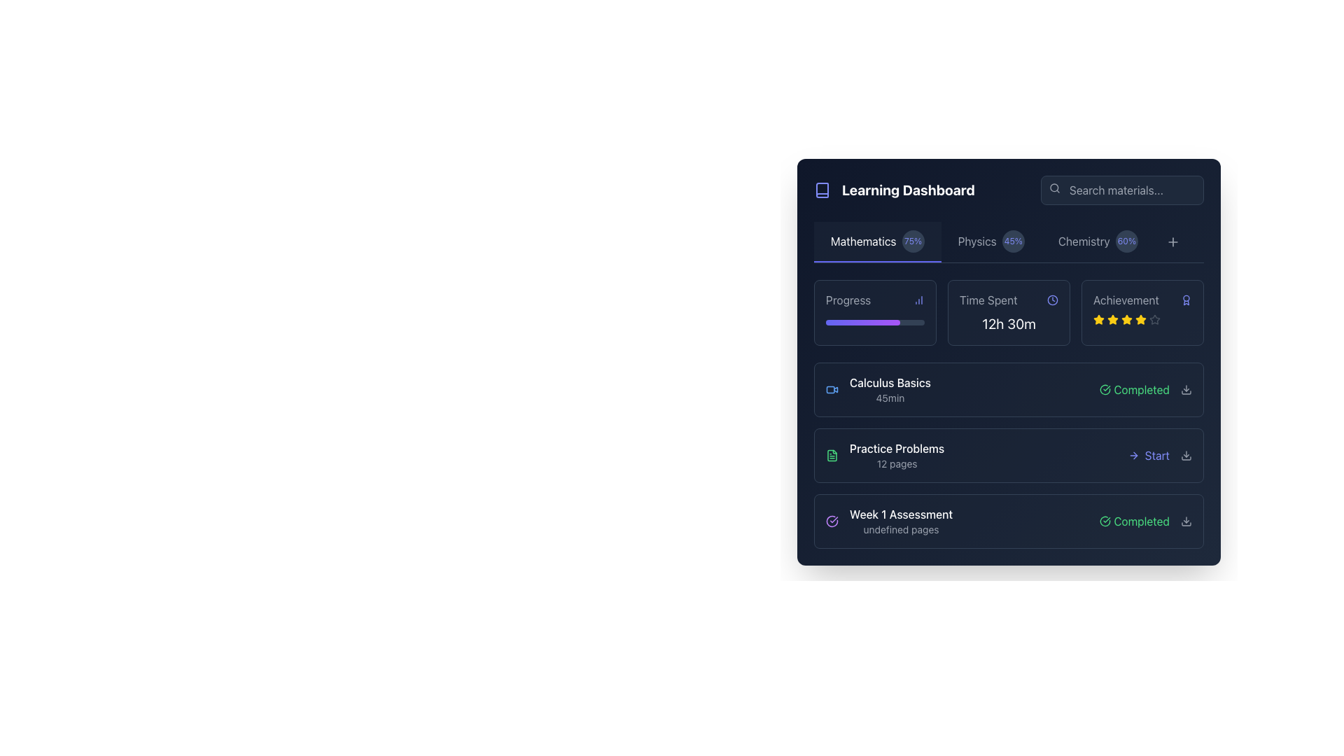 This screenshot has height=756, width=1344. Describe the element at coordinates (990, 240) in the screenshot. I see `the composite display element indicating progress related to Physics, located in the top section of the interface between 'Mathematics' and 'Chemistry'` at that location.